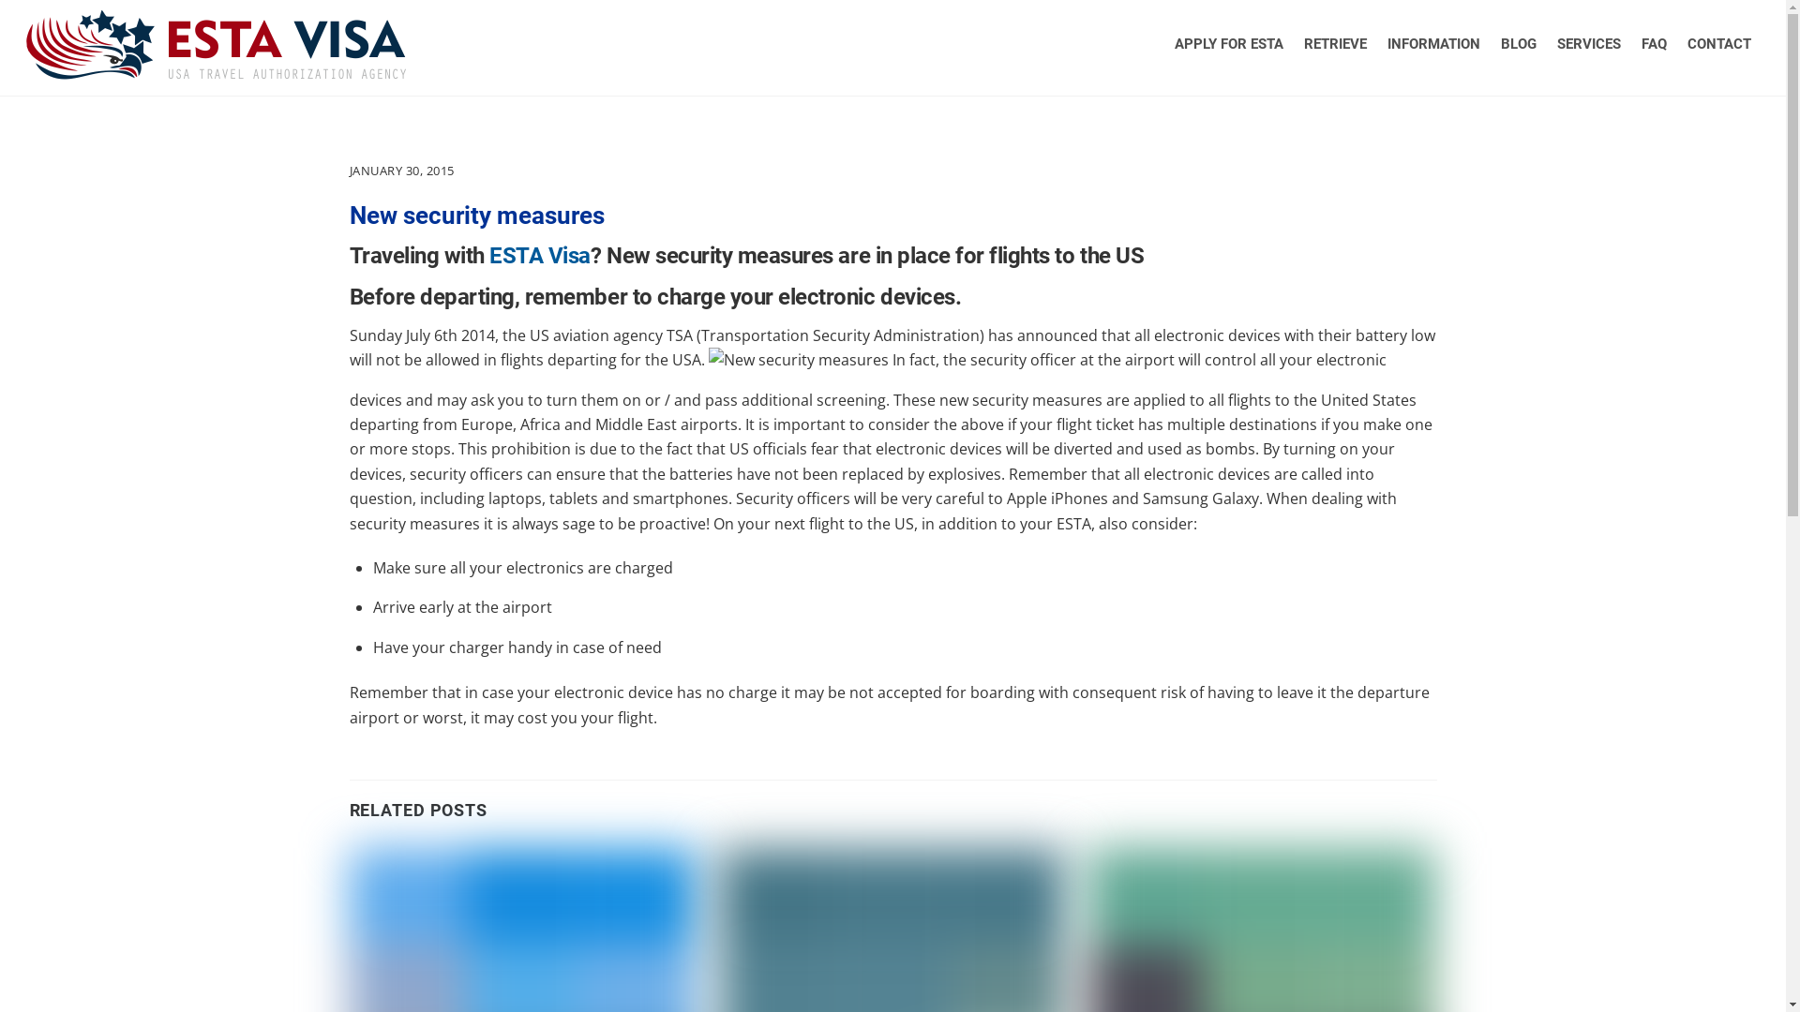 The image size is (1800, 1012). I want to click on 'SERVICES', so click(1548, 42).